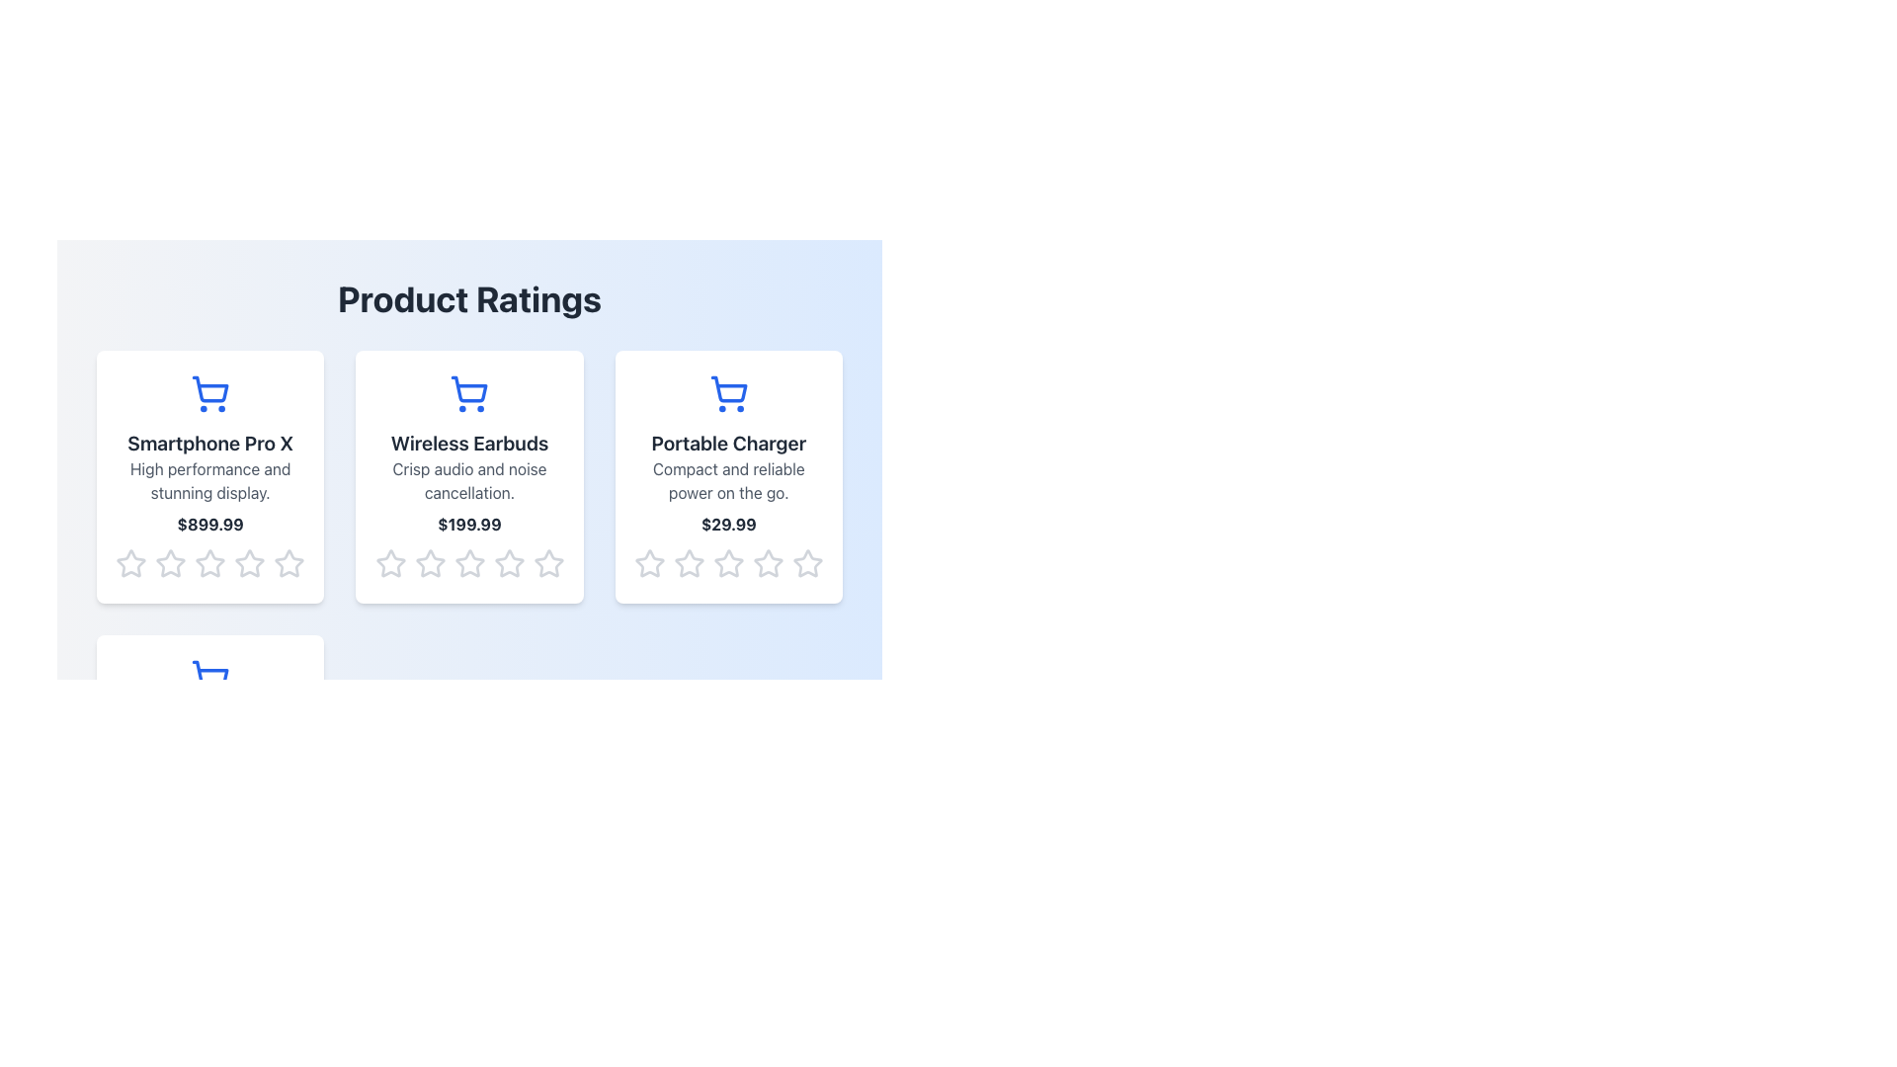 The width and height of the screenshot is (1897, 1067). What do you see at coordinates (130, 563) in the screenshot?
I see `the first star icon in the rating bar to rate the 'Smartphone Pro X' product` at bounding box center [130, 563].